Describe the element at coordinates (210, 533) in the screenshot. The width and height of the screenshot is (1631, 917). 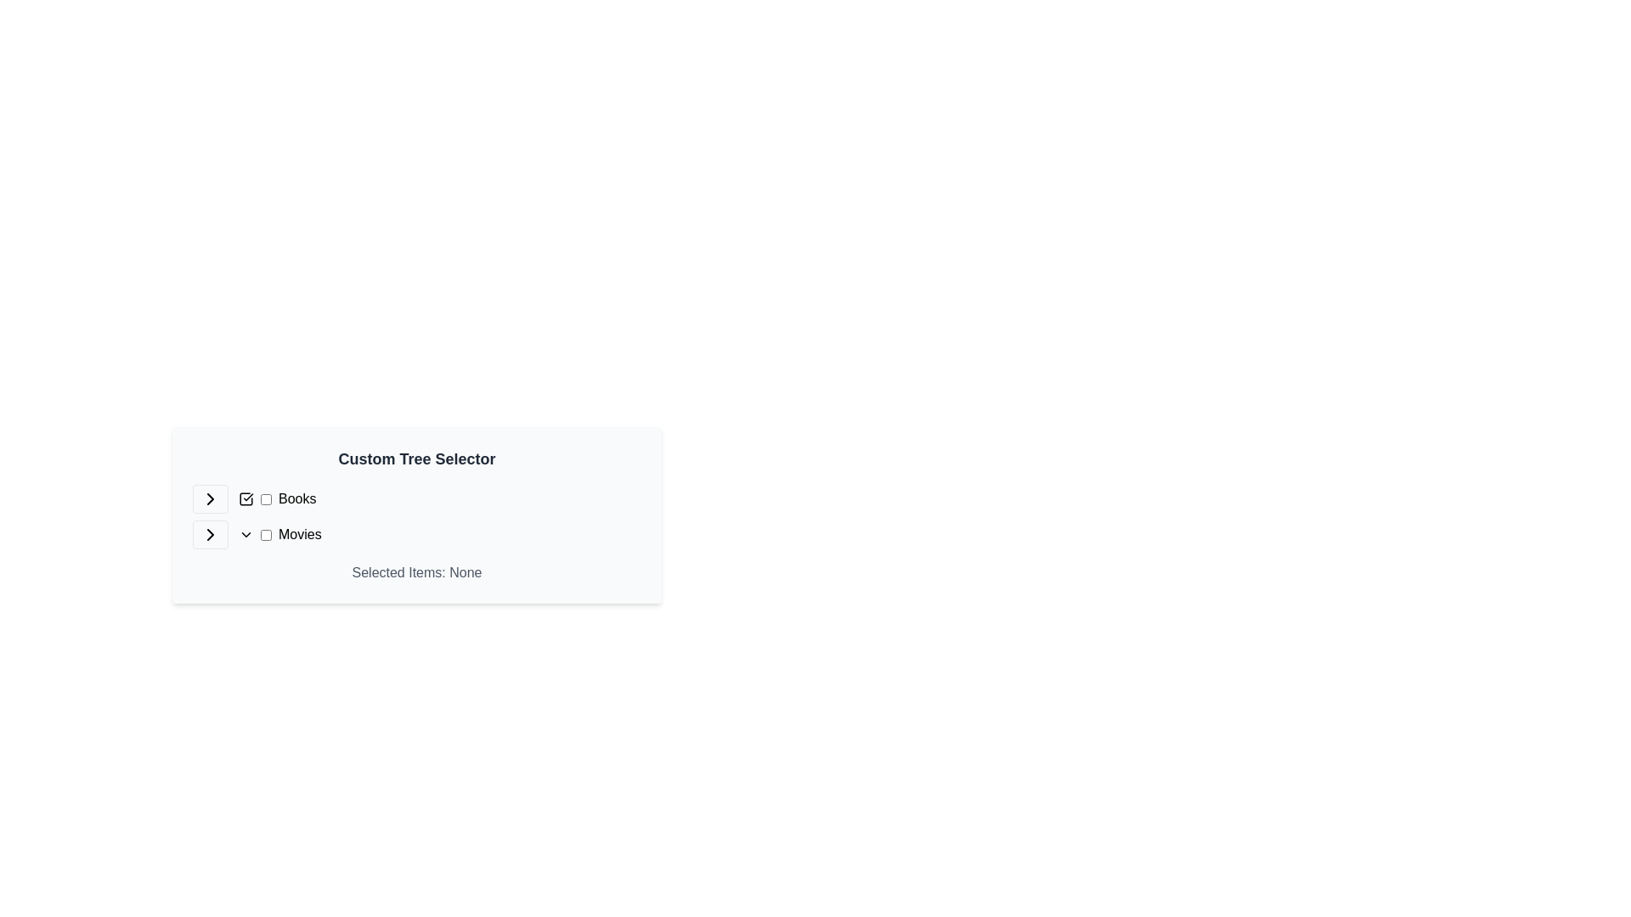
I see `the SVG-based chevron icon that indicates expandable or collapsible content related to 'Movies', positioned to the left of the label and checkbox` at that location.